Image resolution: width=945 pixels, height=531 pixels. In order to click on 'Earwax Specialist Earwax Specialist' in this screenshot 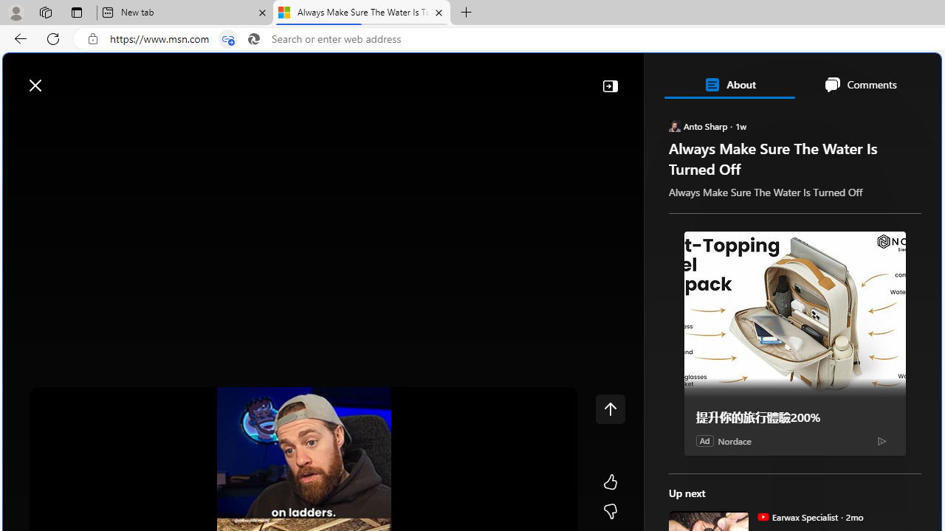, I will do `click(797, 516)`.